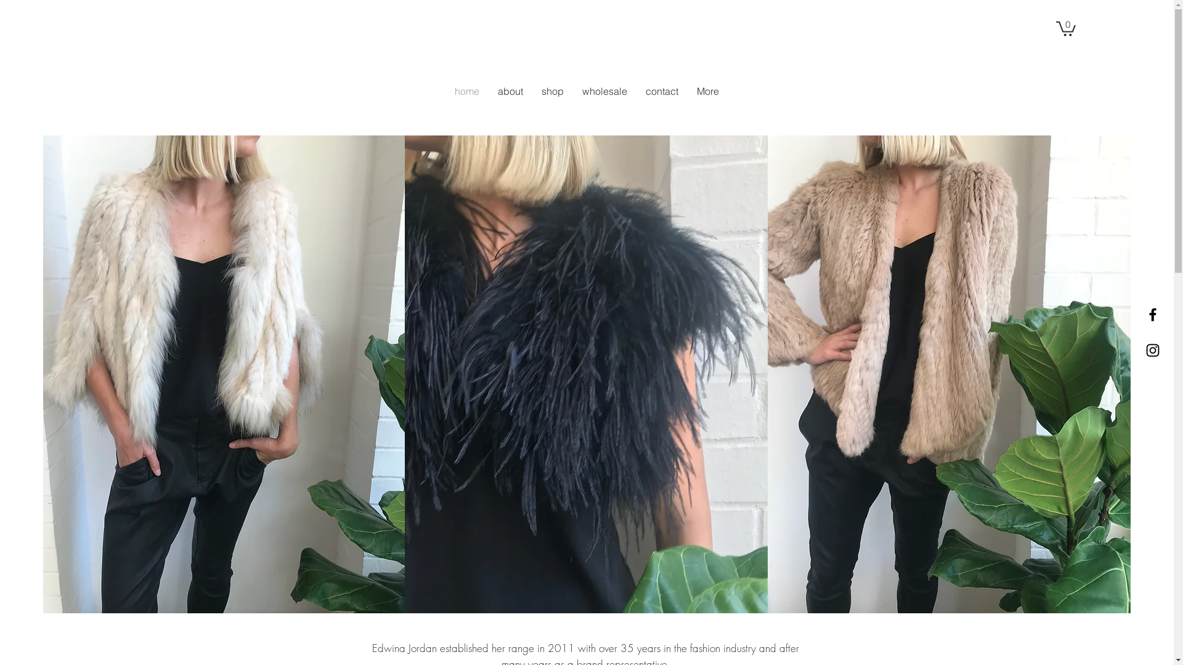 Image resolution: width=1183 pixels, height=665 pixels. Describe the element at coordinates (604, 99) in the screenshot. I see `'wholesale'` at that location.